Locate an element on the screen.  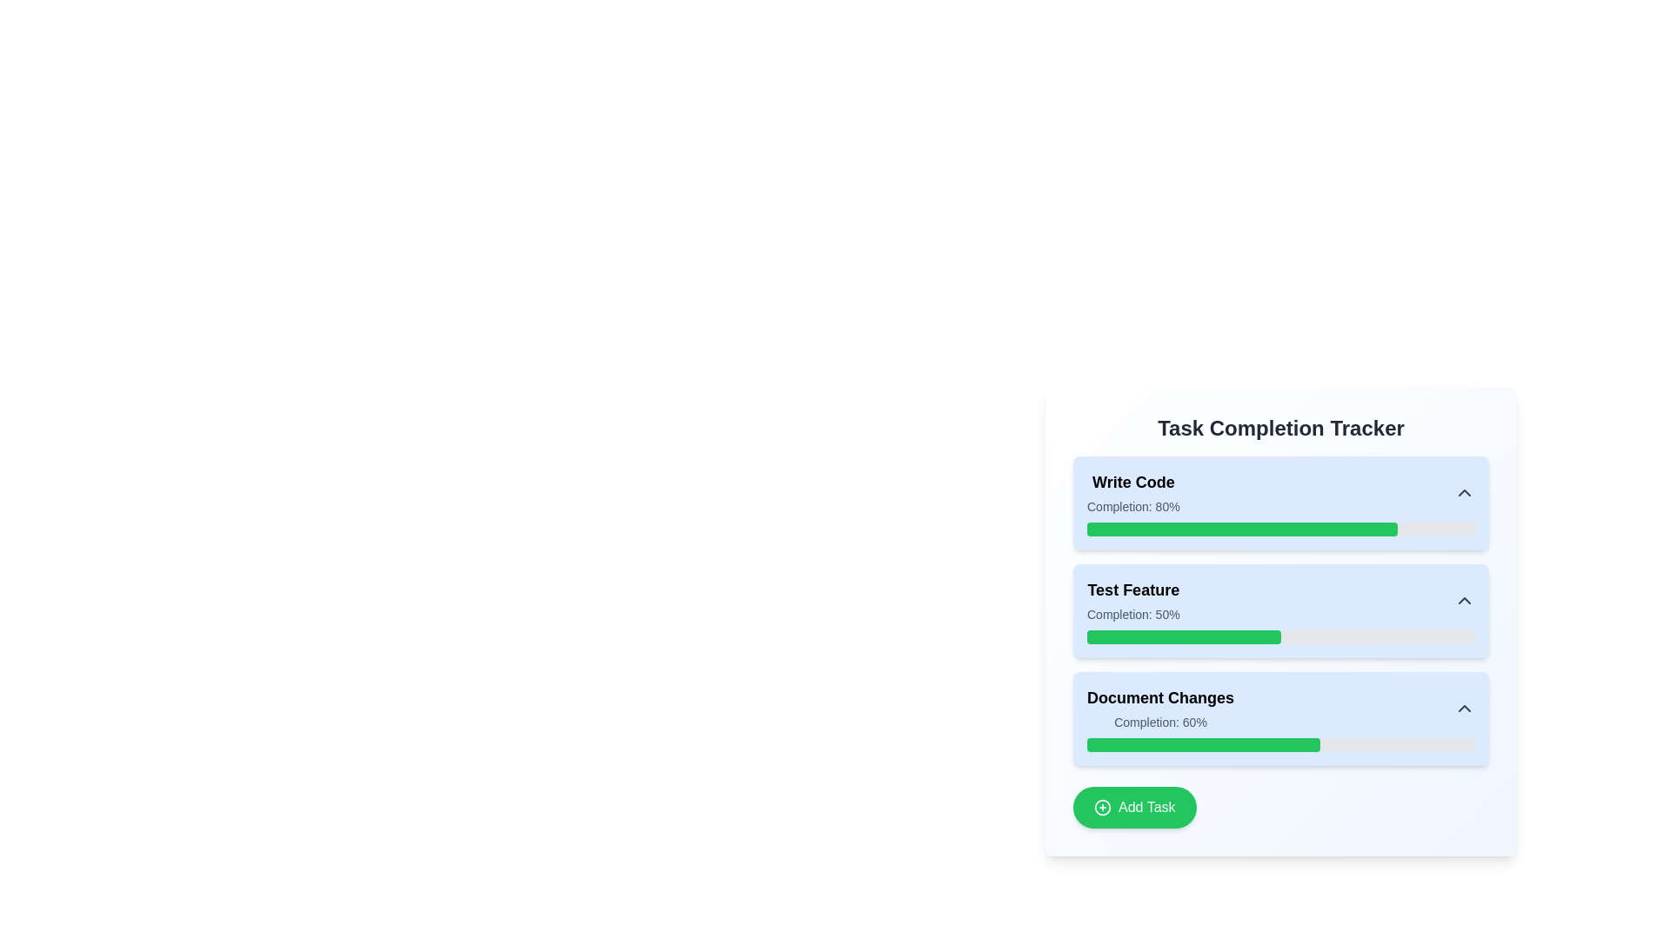
the small upward-pointing chevron arrow icon on the right side of the 'Document Changes' section is located at coordinates (1464, 708).